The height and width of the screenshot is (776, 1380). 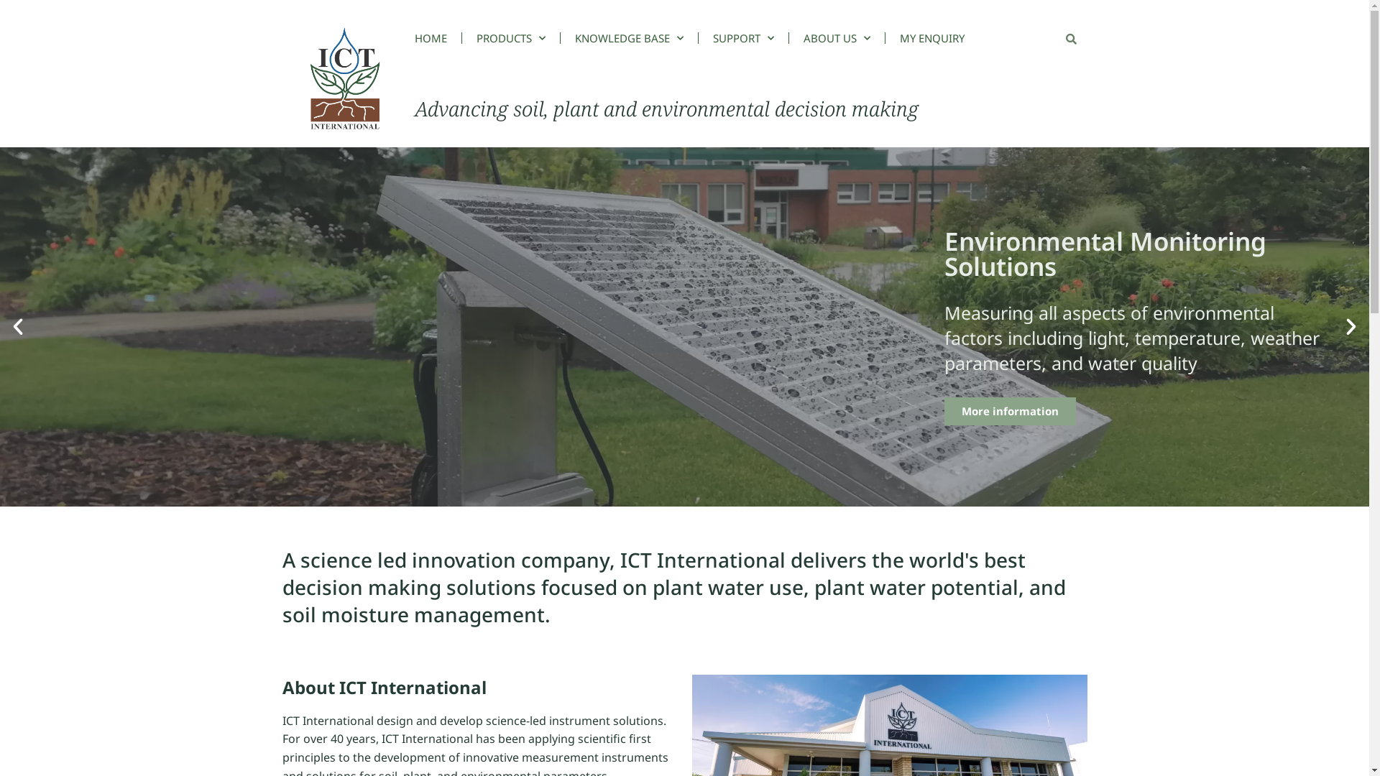 I want to click on 'MY ENQUIRY', so click(x=931, y=37).